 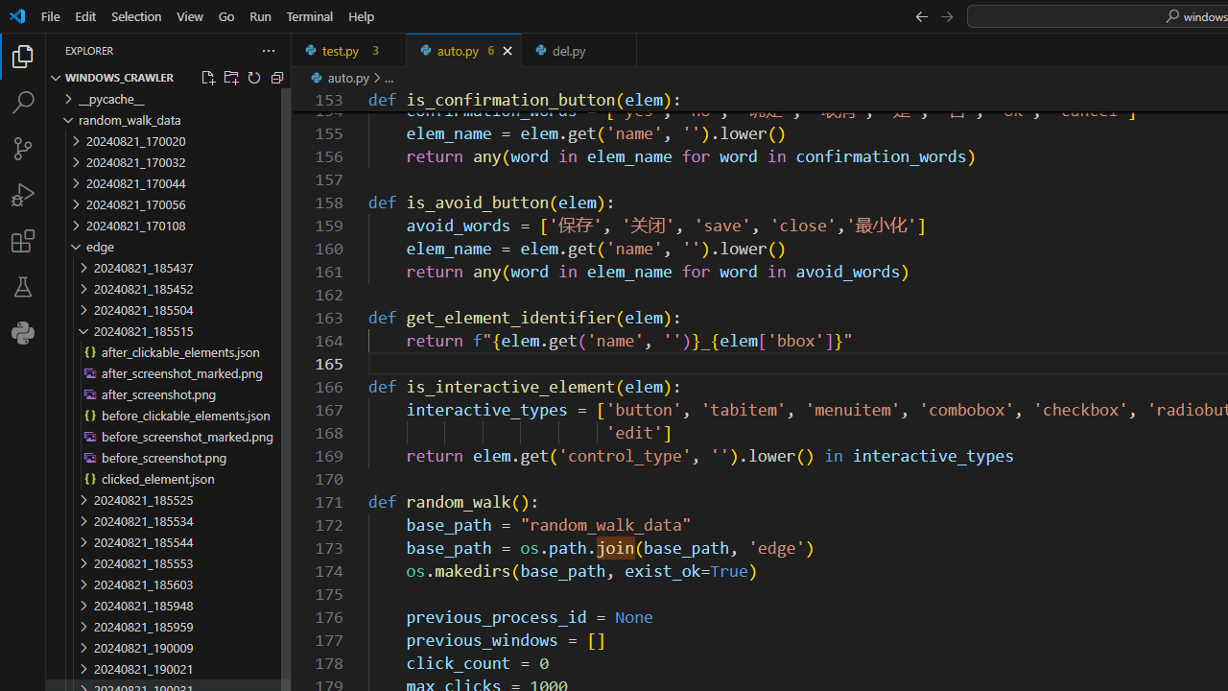 I want to click on 'Views and More Actions...', so click(x=267, y=49).